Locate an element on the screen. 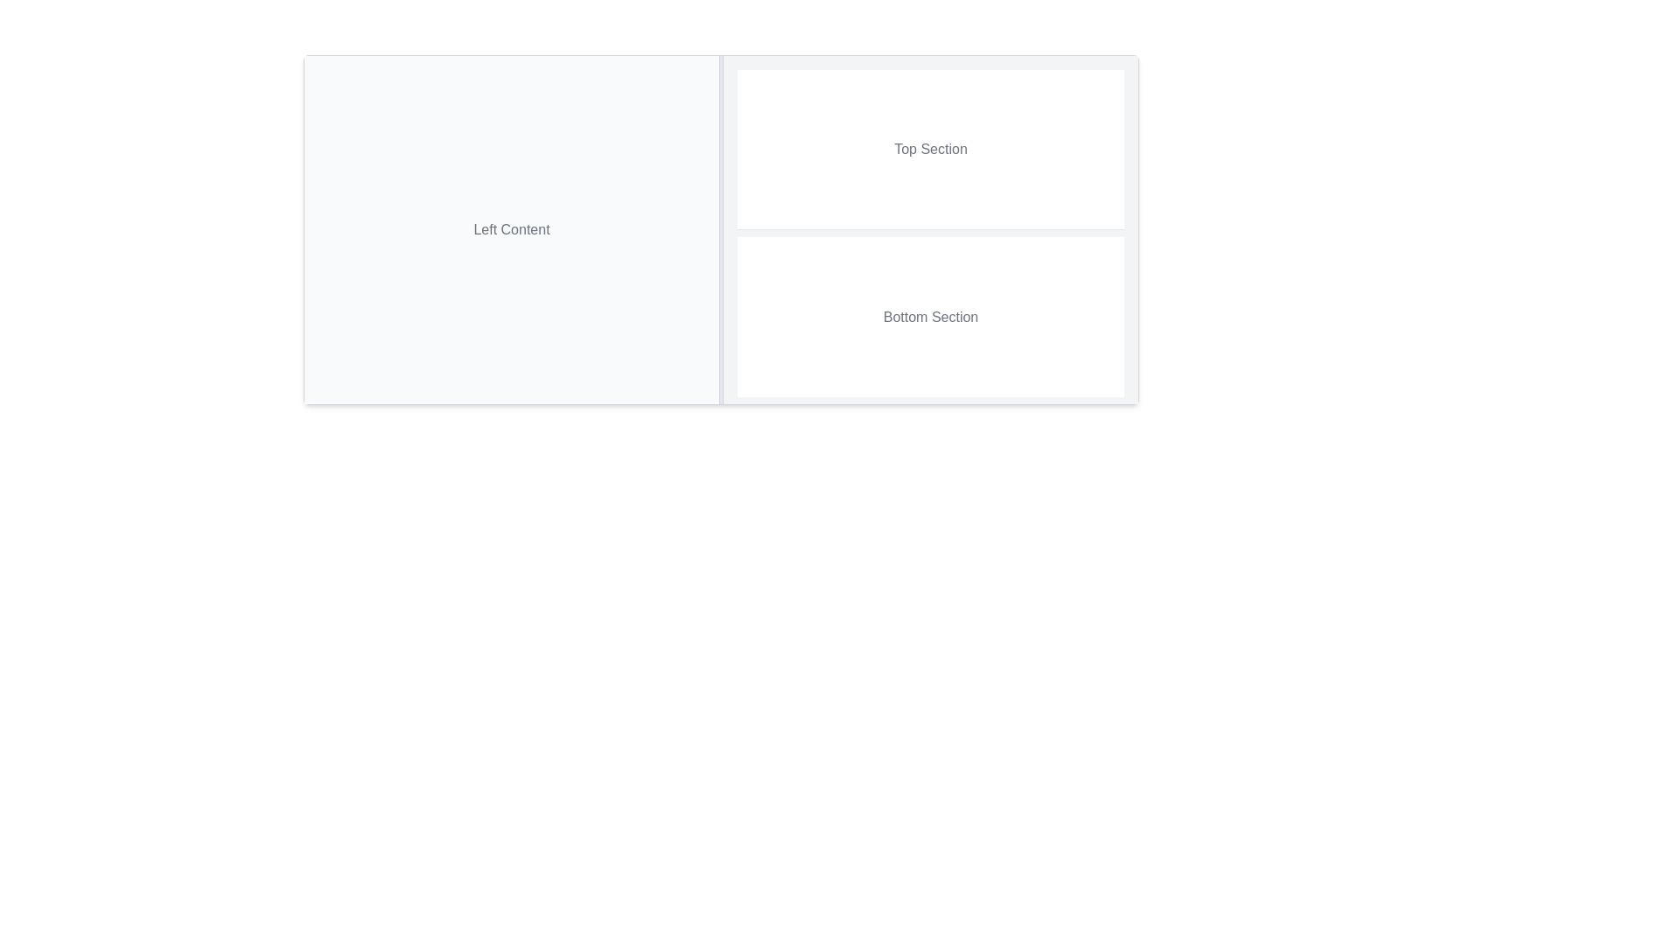 Image resolution: width=1680 pixels, height=945 pixels. the text label displaying 'Left Content' is located at coordinates (511, 228).